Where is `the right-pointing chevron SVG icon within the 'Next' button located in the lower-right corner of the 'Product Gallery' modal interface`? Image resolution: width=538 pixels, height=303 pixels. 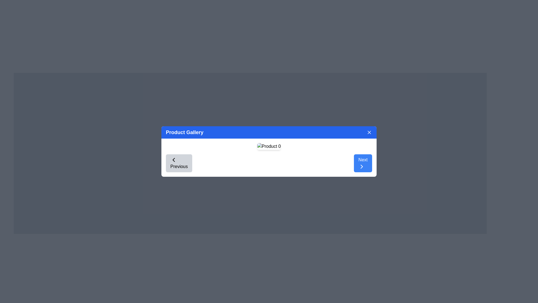
the right-pointing chevron SVG icon within the 'Next' button located in the lower-right corner of the 'Product Gallery' modal interface is located at coordinates (362, 166).